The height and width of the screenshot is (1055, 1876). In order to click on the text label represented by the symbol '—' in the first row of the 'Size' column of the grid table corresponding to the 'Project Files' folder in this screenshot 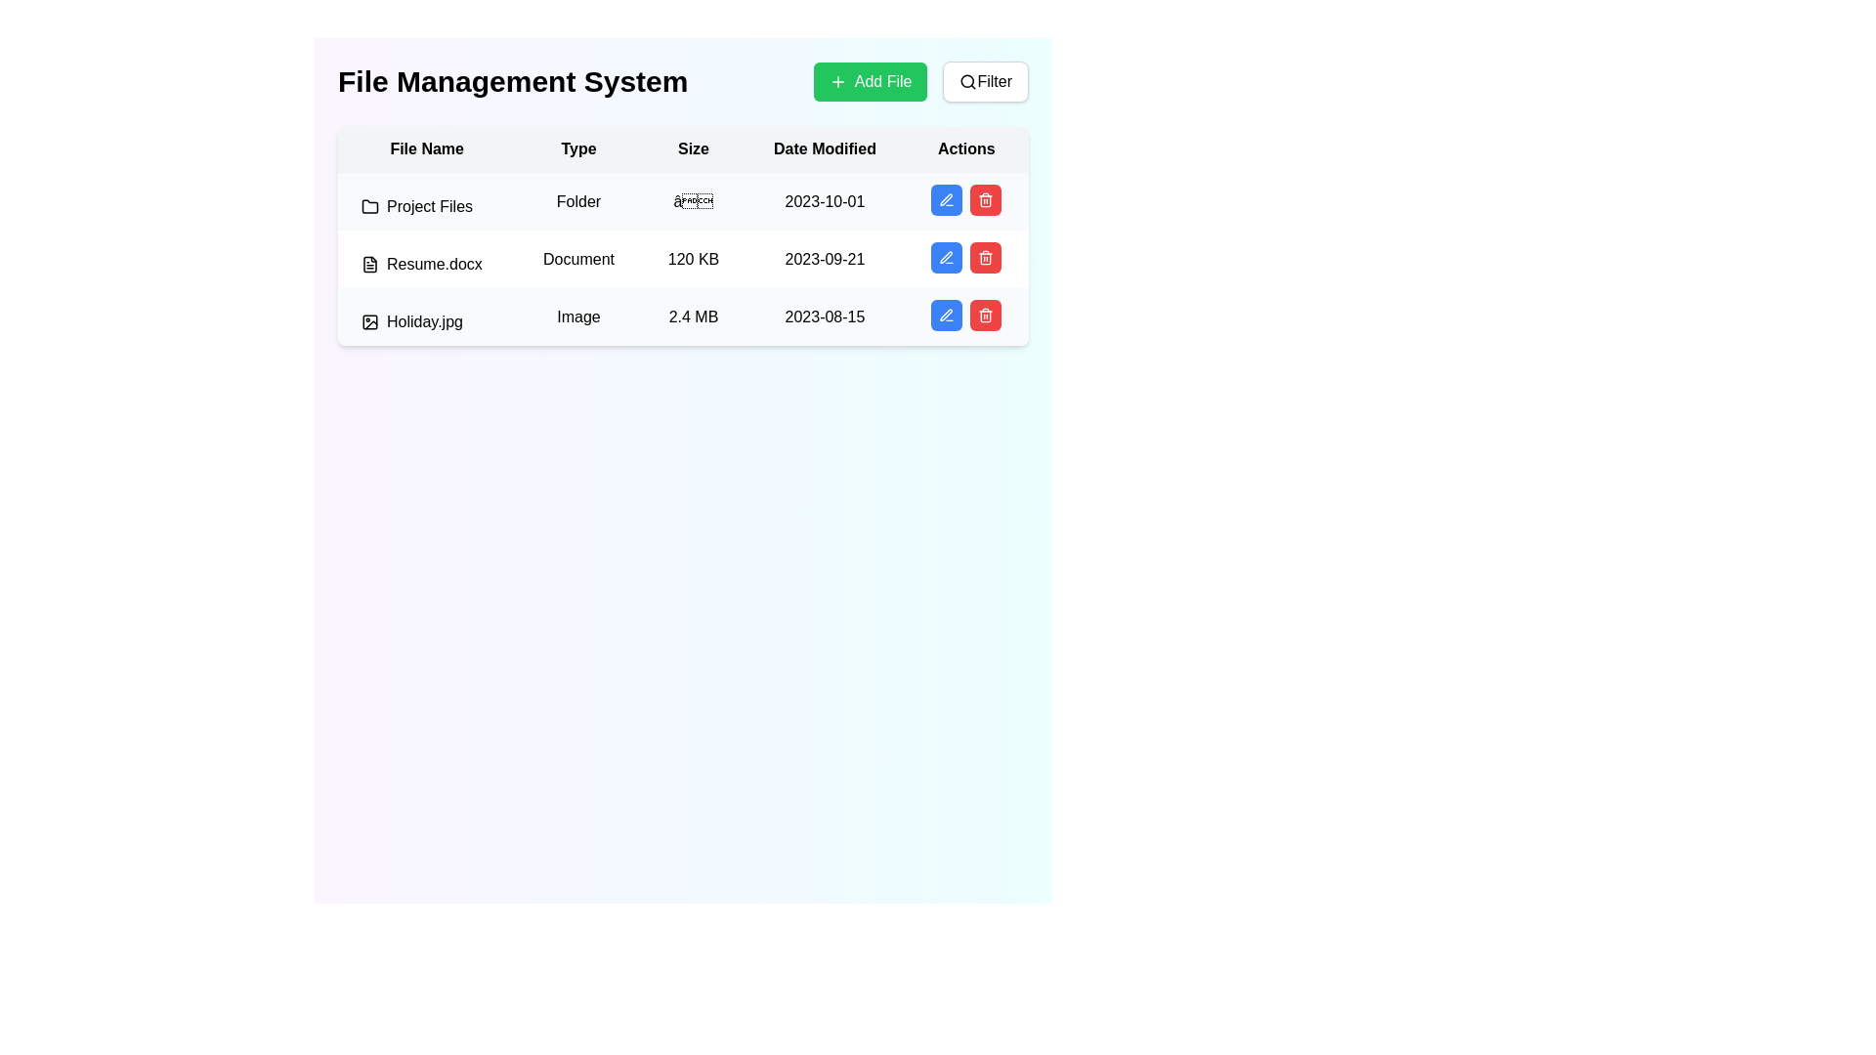, I will do `click(694, 201)`.